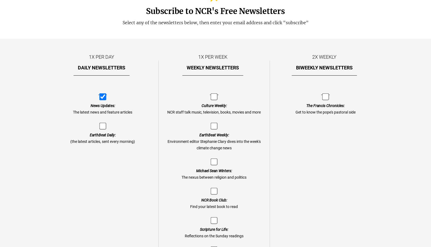 The height and width of the screenshot is (247, 431). What do you see at coordinates (102, 105) in the screenshot?
I see `'News Updates:'` at bounding box center [102, 105].